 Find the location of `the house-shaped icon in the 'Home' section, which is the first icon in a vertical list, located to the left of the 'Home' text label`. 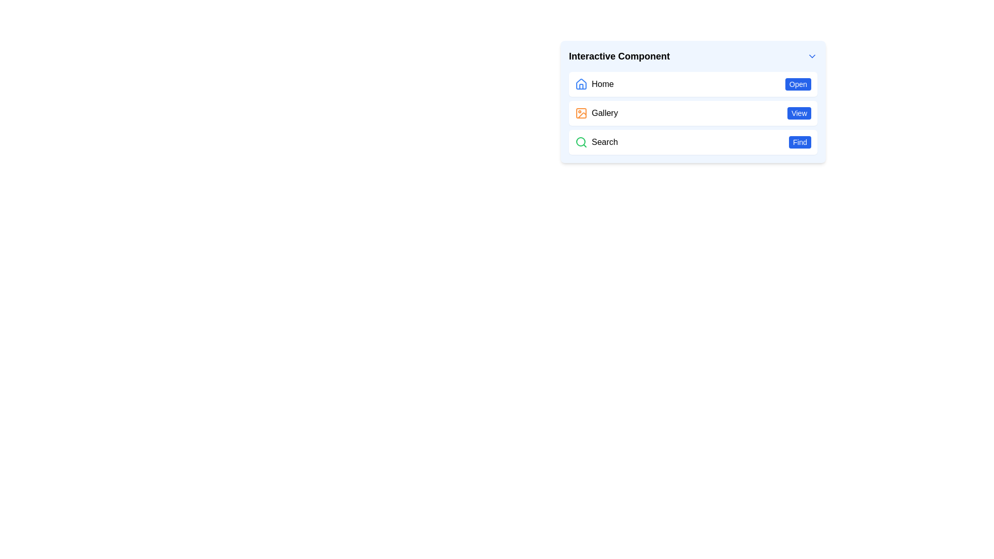

the house-shaped icon in the 'Home' section, which is the first icon in a vertical list, located to the left of the 'Home' text label is located at coordinates (581, 83).